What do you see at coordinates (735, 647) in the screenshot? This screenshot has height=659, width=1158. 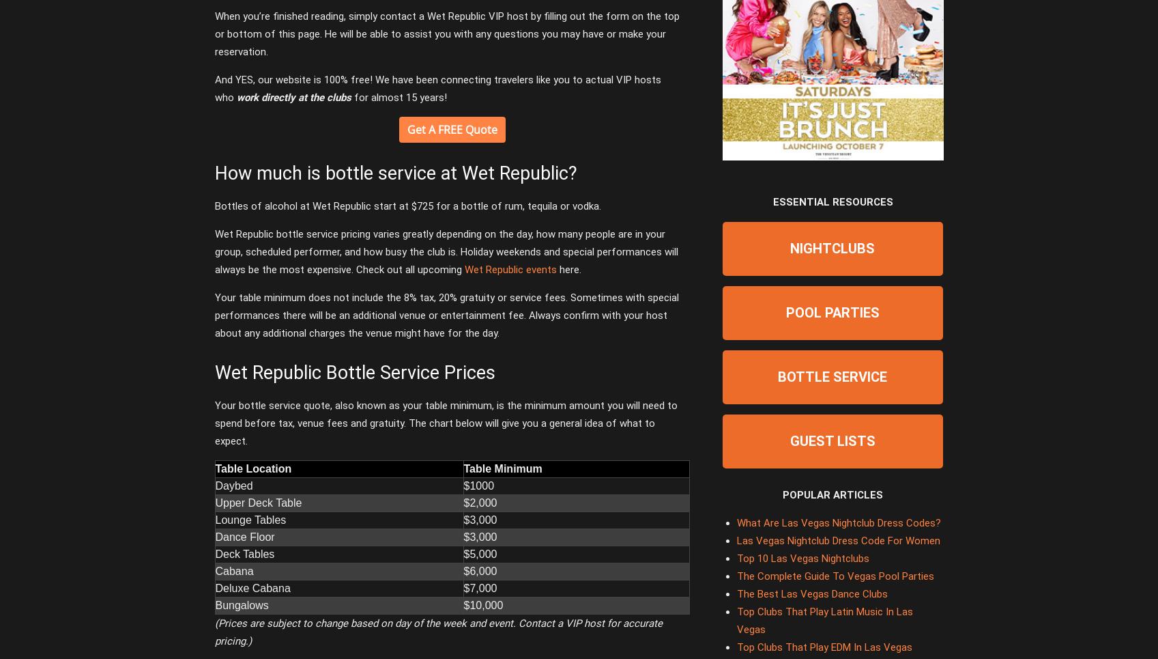 I see `'Top Clubs That Play EDM In Las Vegas'` at bounding box center [735, 647].